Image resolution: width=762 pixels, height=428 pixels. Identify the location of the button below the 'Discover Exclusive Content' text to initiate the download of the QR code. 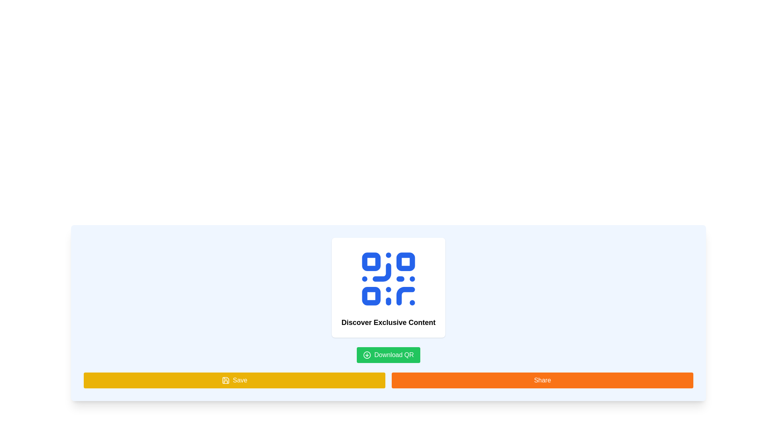
(389, 354).